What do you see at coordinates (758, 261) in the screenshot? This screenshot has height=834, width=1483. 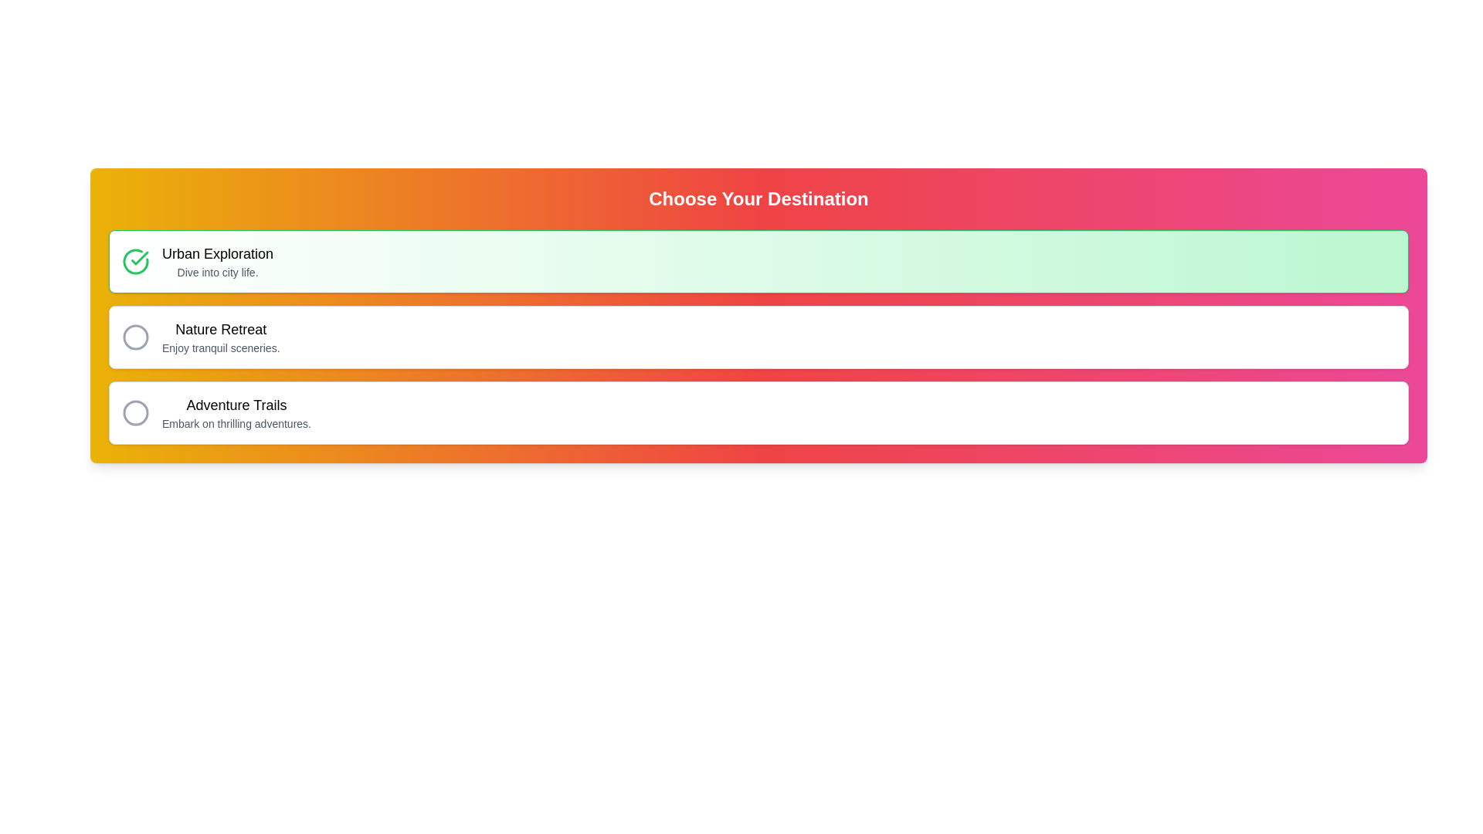 I see `the first selectable list item labeled 'Urban Exploration' with a green checkmark icon for interaction` at bounding box center [758, 261].